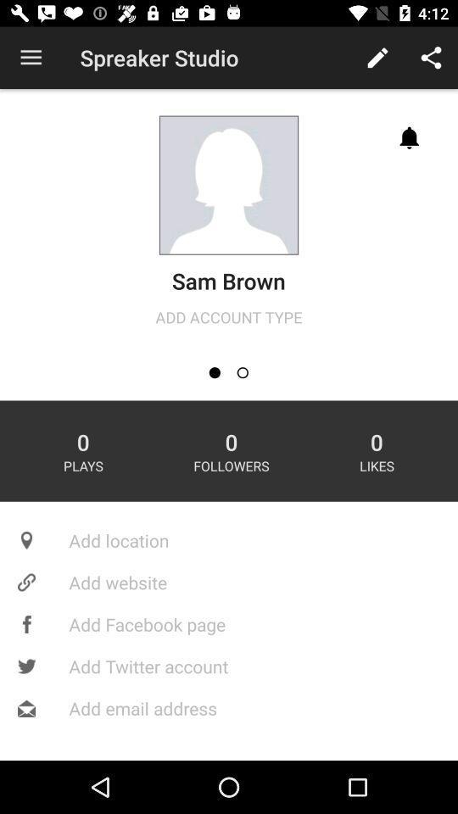 This screenshot has height=814, width=458. I want to click on app next to the spreaker studio item, so click(31, 58).